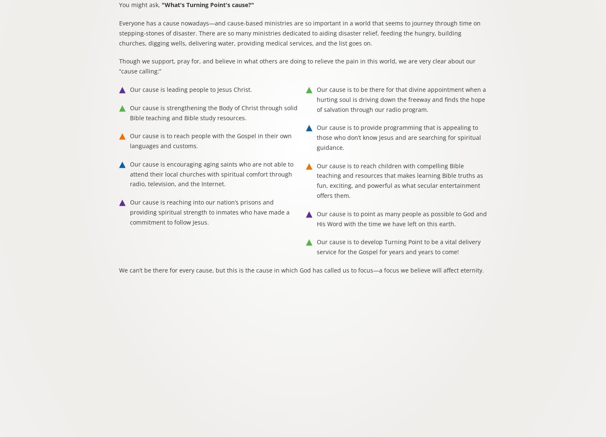 The height and width of the screenshot is (437, 606). Describe the element at coordinates (398, 136) in the screenshot. I see `'Our cause is to provide programming that is appealing to those who don’t know Jesus and are searching for spiritual guidance.'` at that location.